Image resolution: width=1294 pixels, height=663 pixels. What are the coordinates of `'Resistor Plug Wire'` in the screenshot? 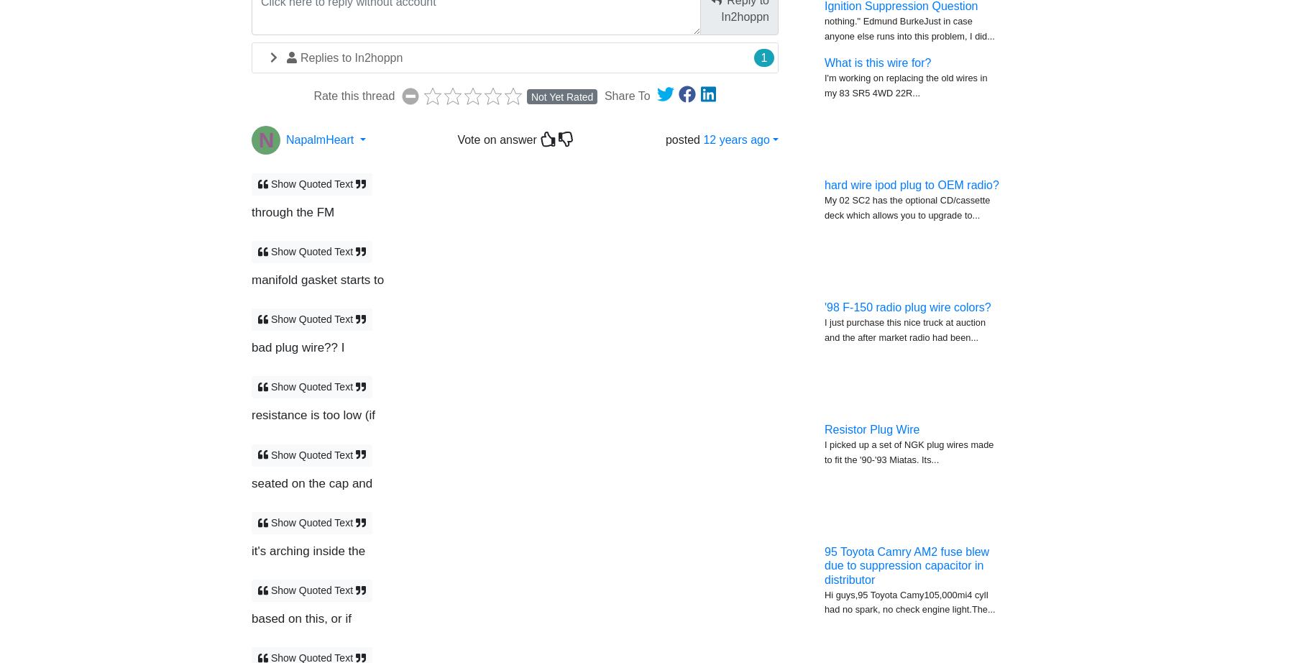 It's located at (823, 429).